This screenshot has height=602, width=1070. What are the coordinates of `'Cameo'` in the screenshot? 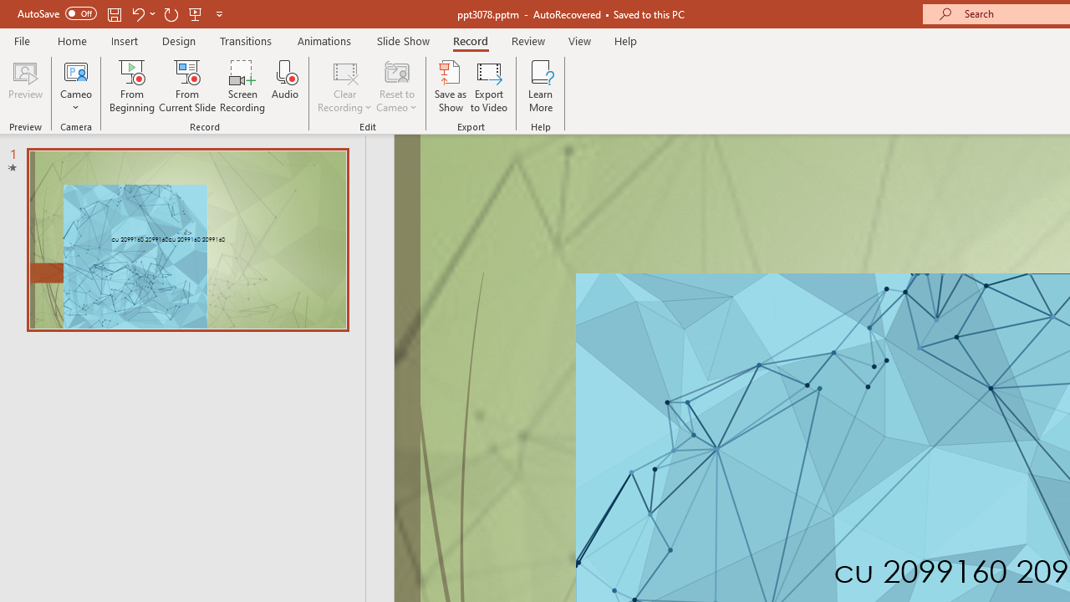 It's located at (75, 86).